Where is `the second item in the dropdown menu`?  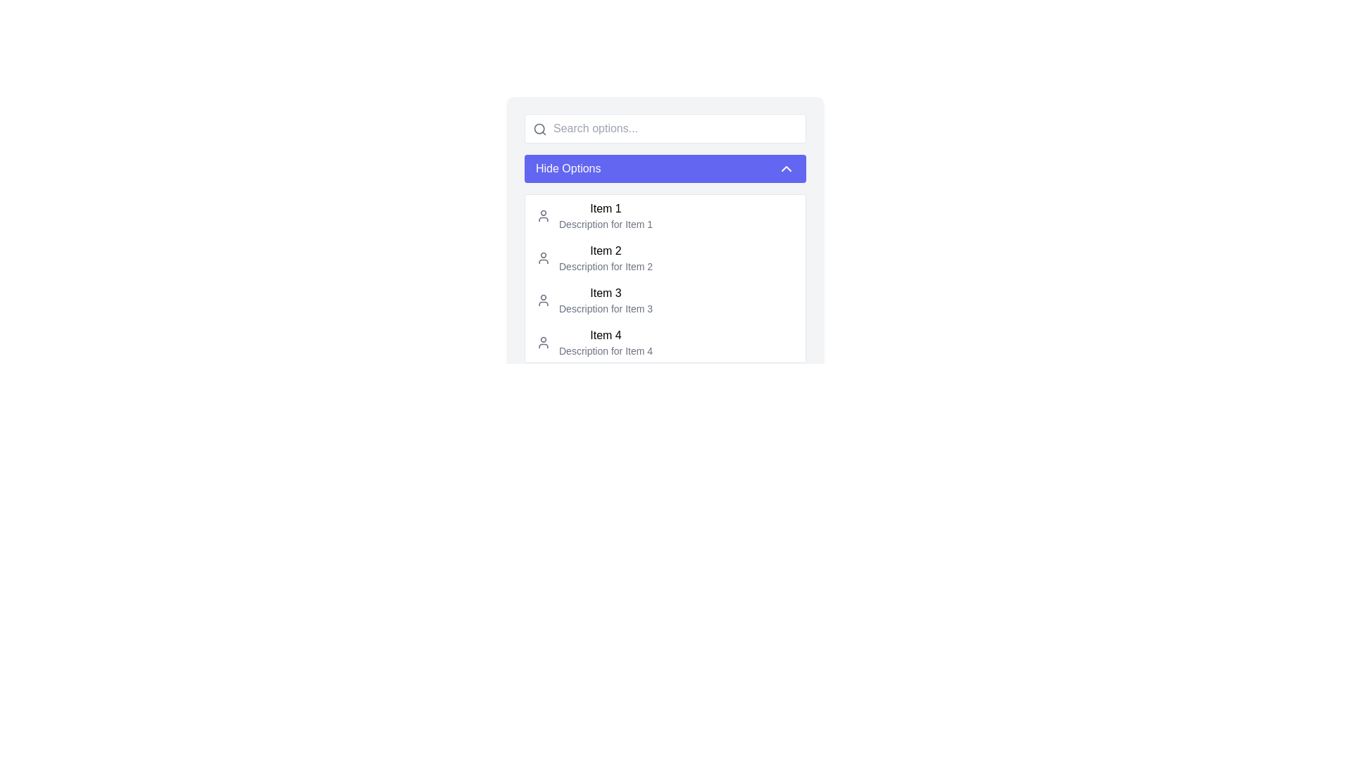 the second item in the dropdown menu is located at coordinates (665, 258).